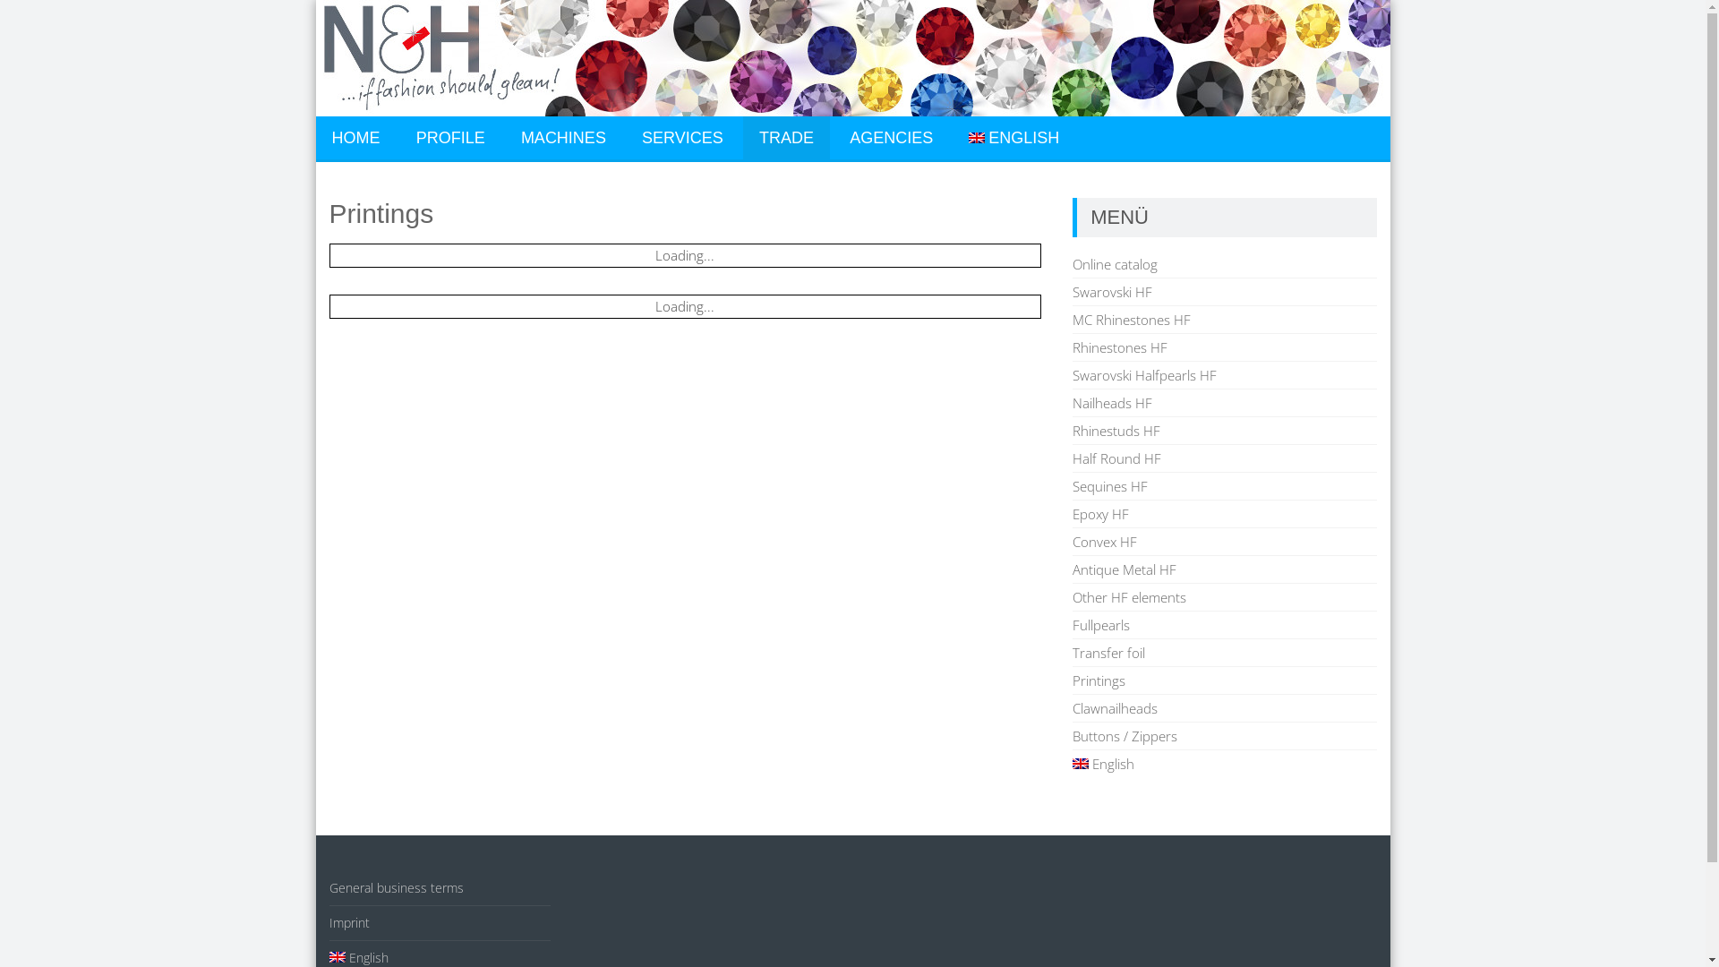 The height and width of the screenshot is (967, 1719). Describe the element at coordinates (1103, 541) in the screenshot. I see `'Convex HF'` at that location.